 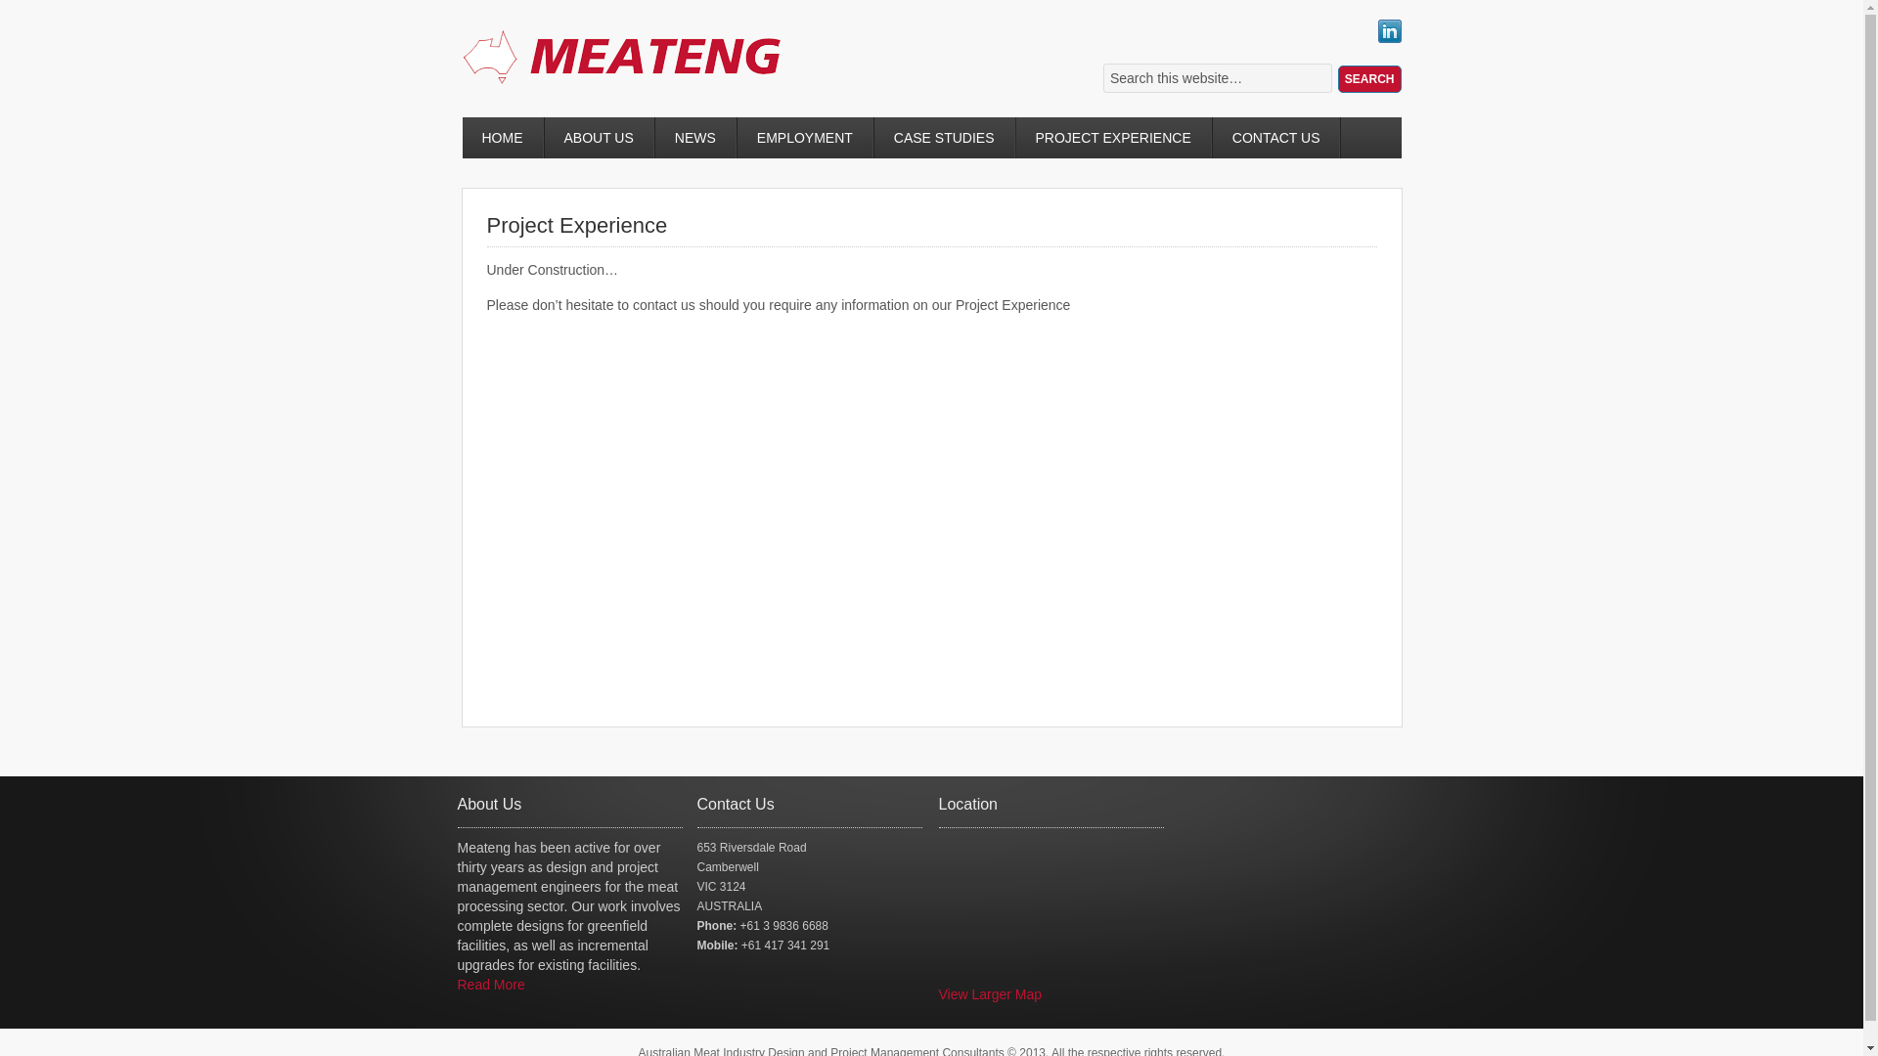 What do you see at coordinates (990, 994) in the screenshot?
I see `'View Larger Map'` at bounding box center [990, 994].